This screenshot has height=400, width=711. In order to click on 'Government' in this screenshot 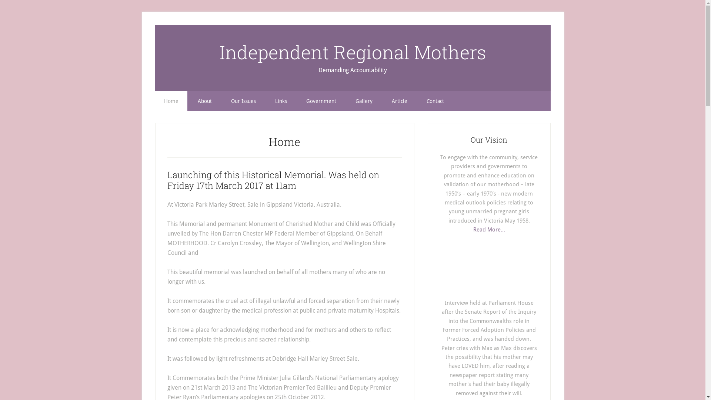, I will do `click(321, 101)`.